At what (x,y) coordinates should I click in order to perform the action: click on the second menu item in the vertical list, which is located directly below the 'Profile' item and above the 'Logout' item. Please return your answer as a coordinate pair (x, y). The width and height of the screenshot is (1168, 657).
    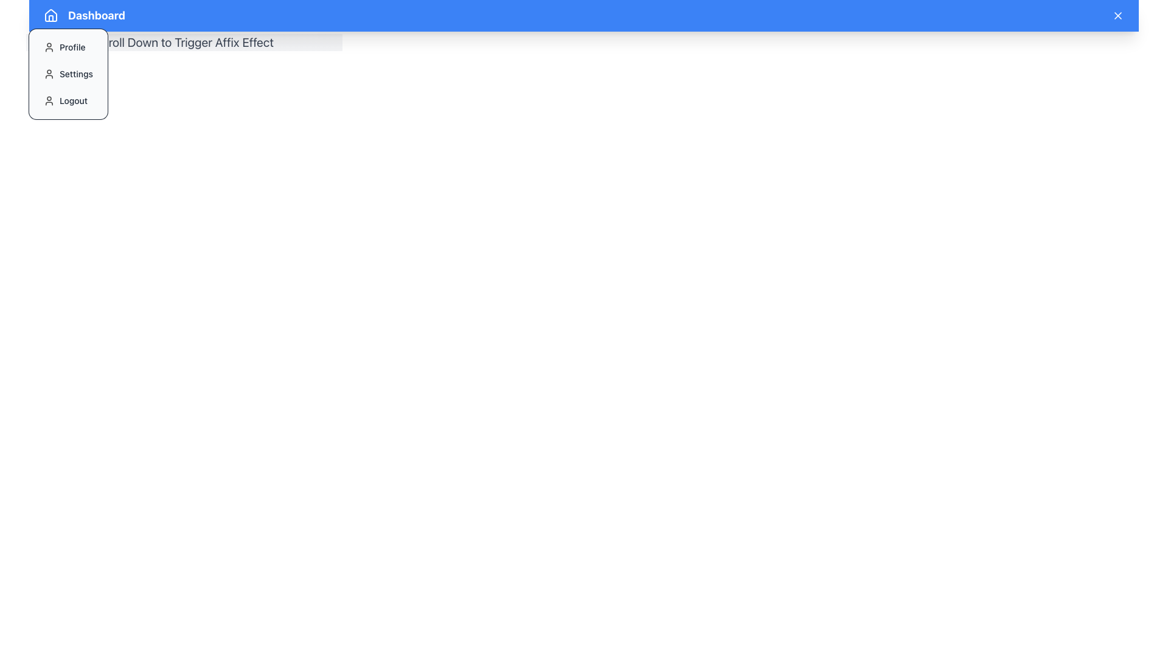
    Looking at the image, I should click on (68, 74).